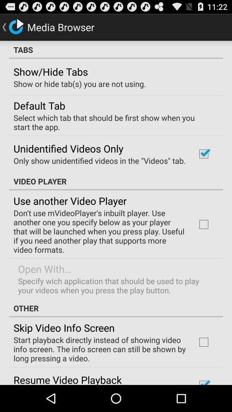  Describe the element at coordinates (99, 349) in the screenshot. I see `the item above resume video playback item` at that location.